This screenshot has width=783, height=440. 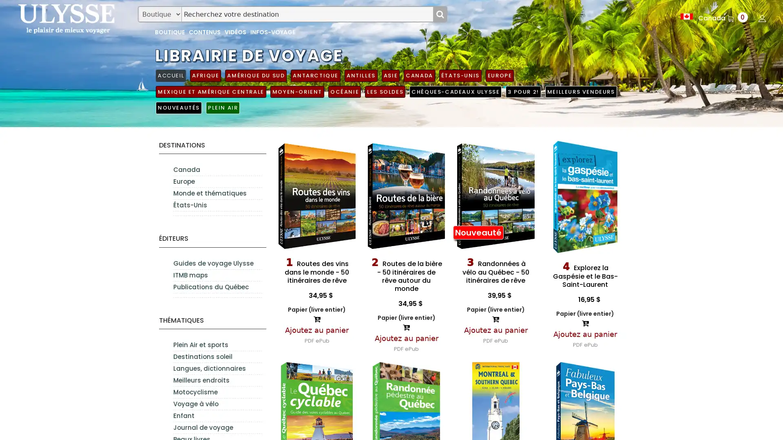 What do you see at coordinates (316, 329) in the screenshot?
I see `Ajoutez au panier` at bounding box center [316, 329].